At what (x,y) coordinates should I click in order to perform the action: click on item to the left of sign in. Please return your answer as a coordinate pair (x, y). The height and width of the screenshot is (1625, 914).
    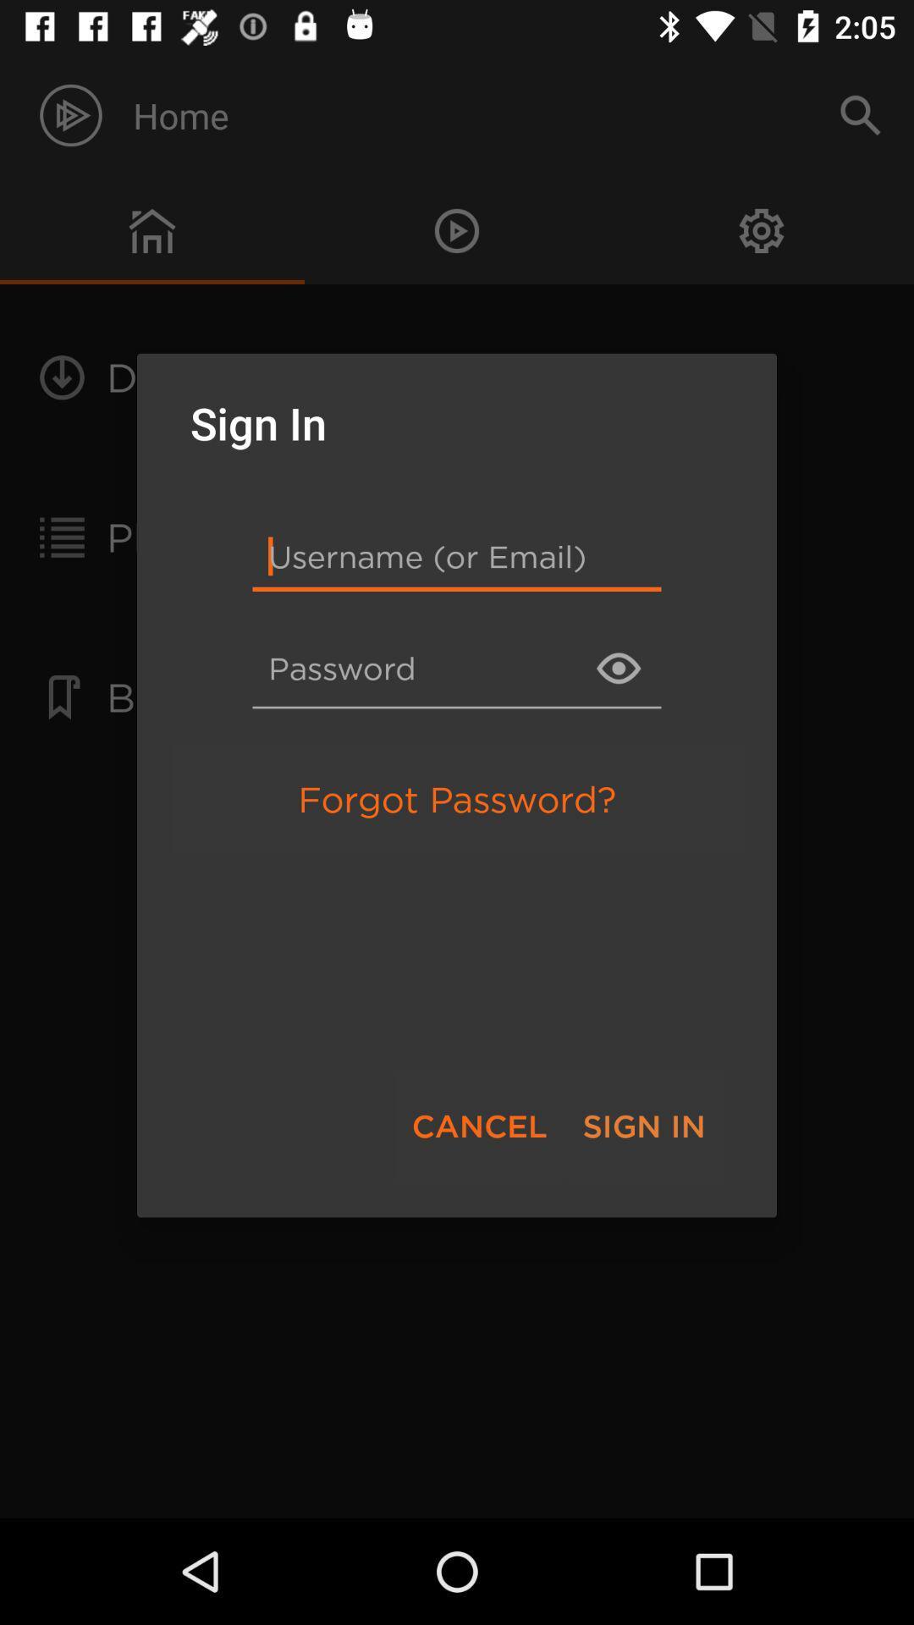
    Looking at the image, I should click on (479, 1126).